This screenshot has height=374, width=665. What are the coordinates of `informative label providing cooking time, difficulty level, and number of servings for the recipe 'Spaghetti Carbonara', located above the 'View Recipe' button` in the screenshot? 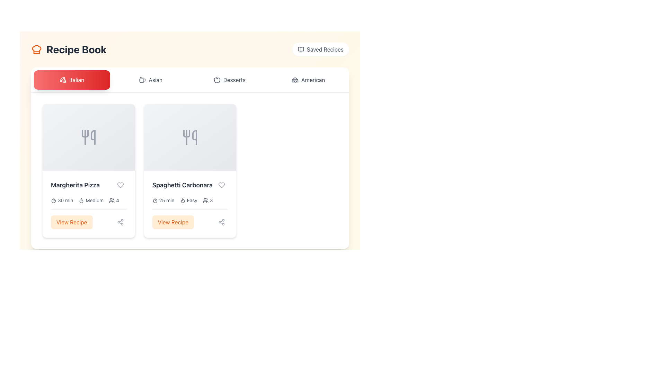 It's located at (190, 200).